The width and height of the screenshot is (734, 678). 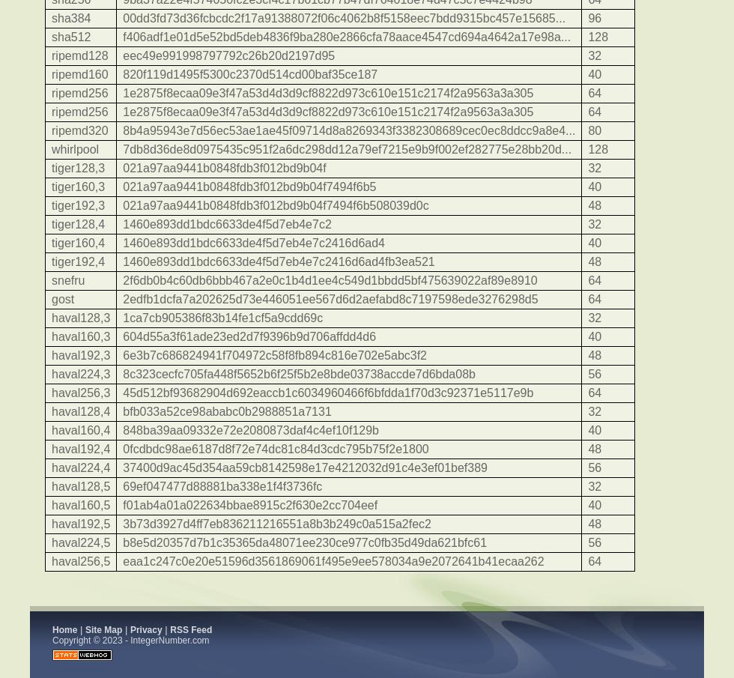 What do you see at coordinates (62, 299) in the screenshot?
I see `'gost'` at bounding box center [62, 299].